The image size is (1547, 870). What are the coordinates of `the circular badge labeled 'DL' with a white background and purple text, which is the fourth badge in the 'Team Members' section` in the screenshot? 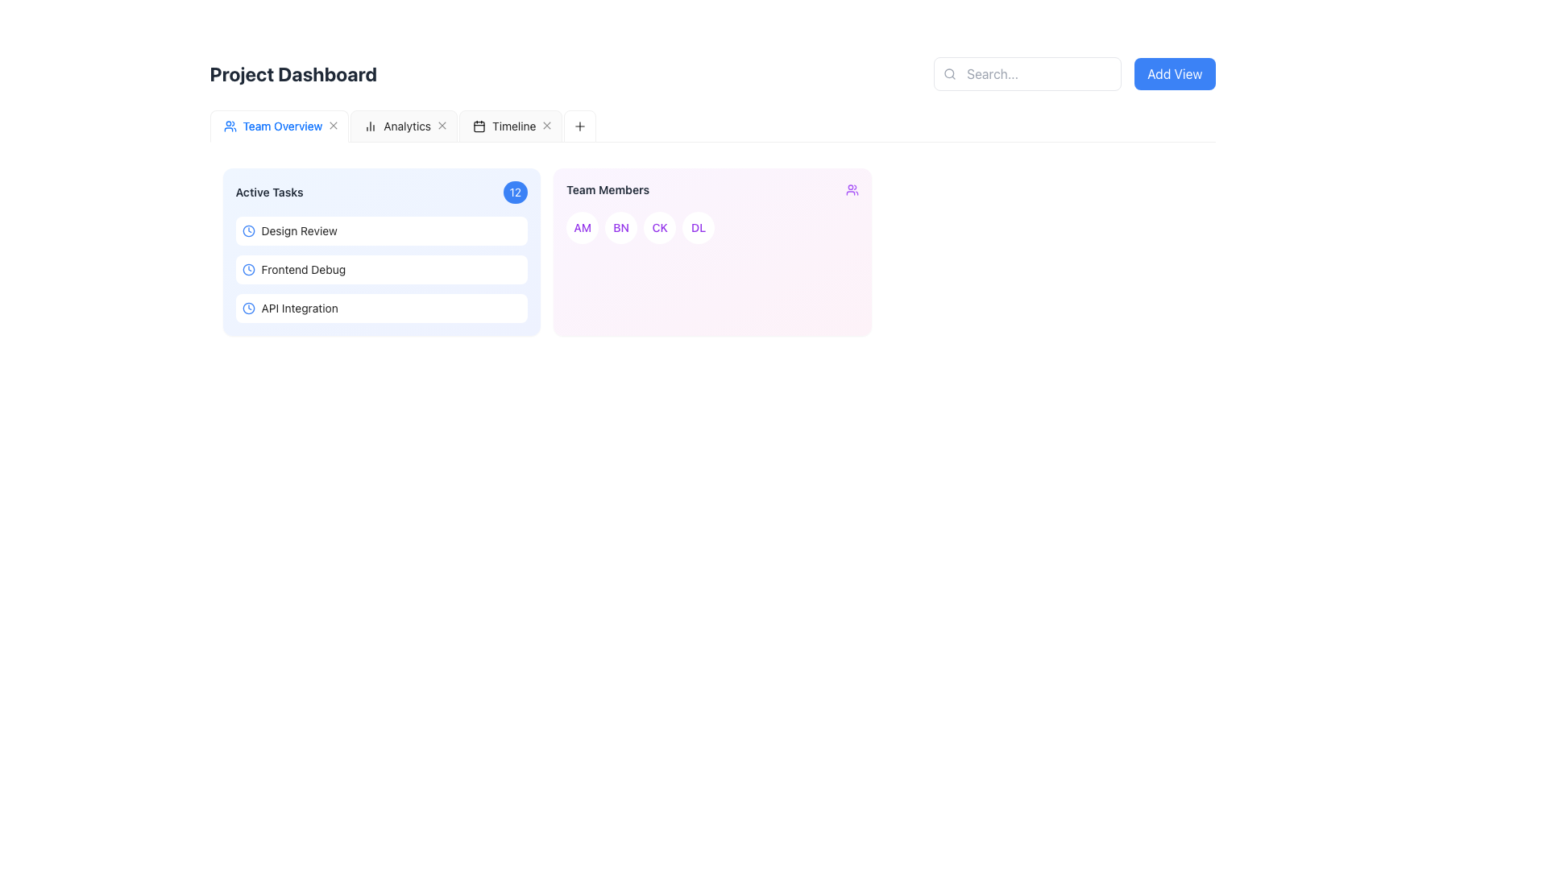 It's located at (699, 227).